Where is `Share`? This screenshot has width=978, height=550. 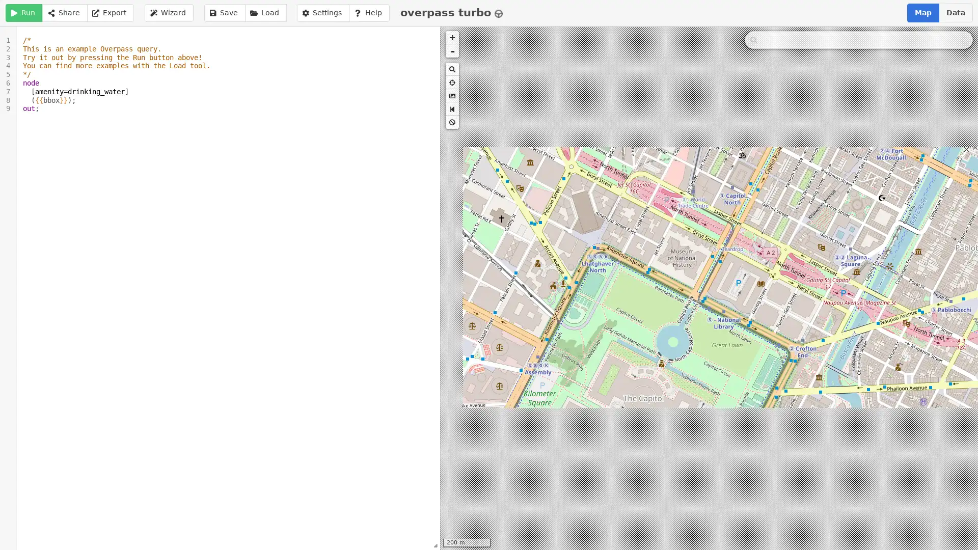
Share is located at coordinates (64, 13).